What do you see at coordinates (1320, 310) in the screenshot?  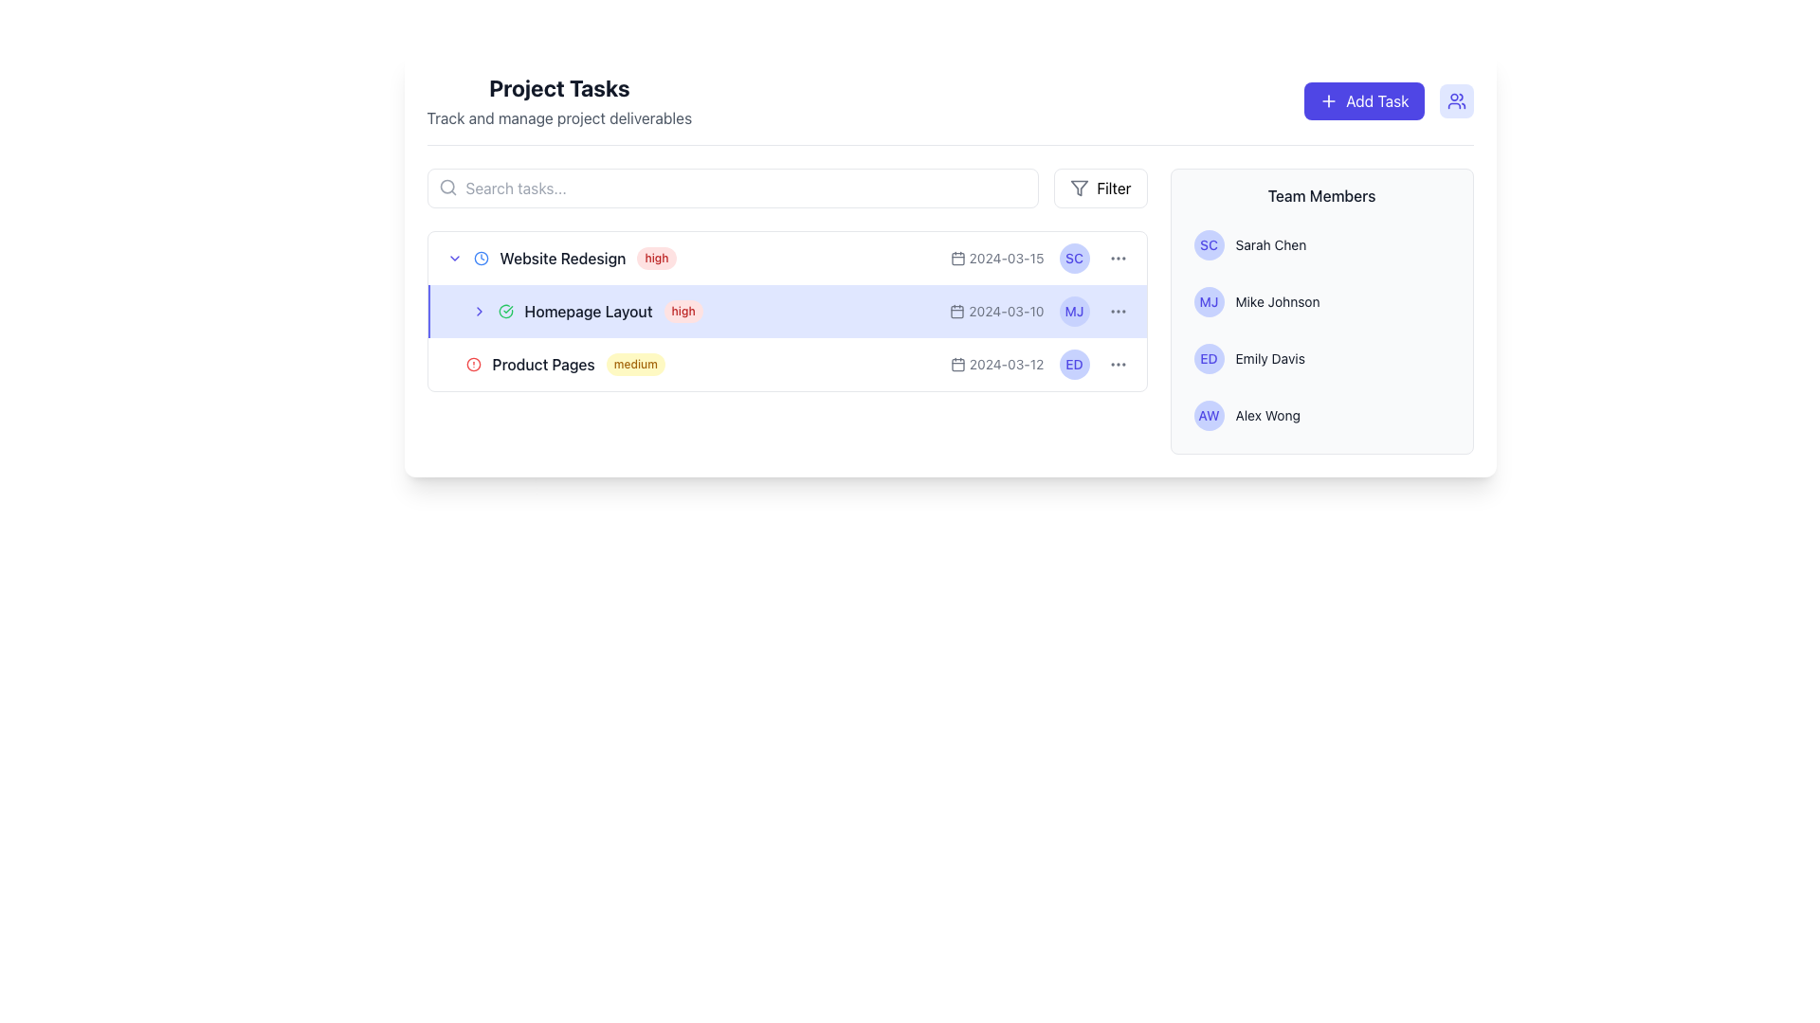 I see `the 'Team Members' card component, which displays a list of team members with initials in circular icons, located on the right side of the page layout` at bounding box center [1320, 310].